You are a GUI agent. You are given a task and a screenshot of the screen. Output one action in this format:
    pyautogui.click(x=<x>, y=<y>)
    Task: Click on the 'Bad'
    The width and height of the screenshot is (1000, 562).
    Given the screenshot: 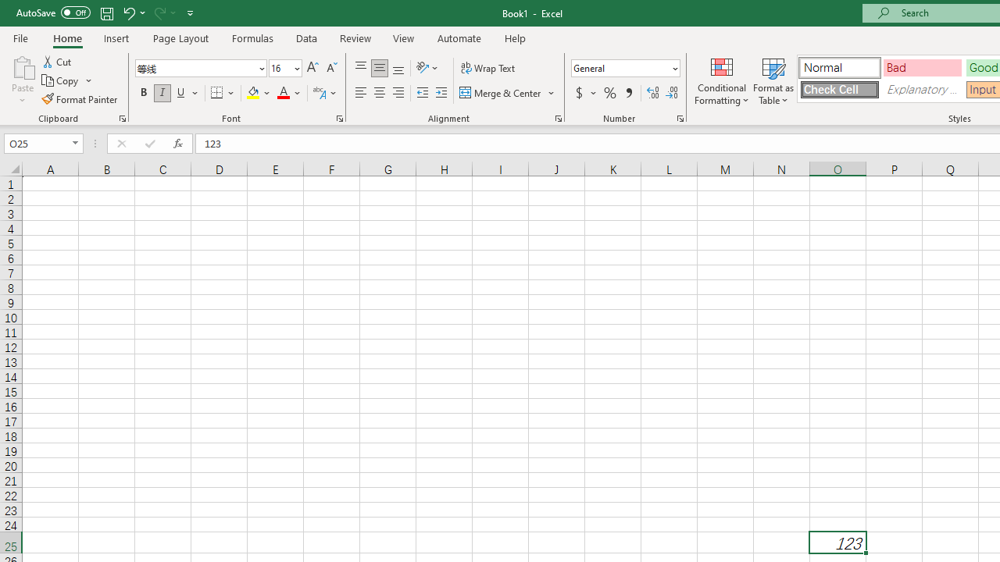 What is the action you would take?
    pyautogui.click(x=922, y=66)
    